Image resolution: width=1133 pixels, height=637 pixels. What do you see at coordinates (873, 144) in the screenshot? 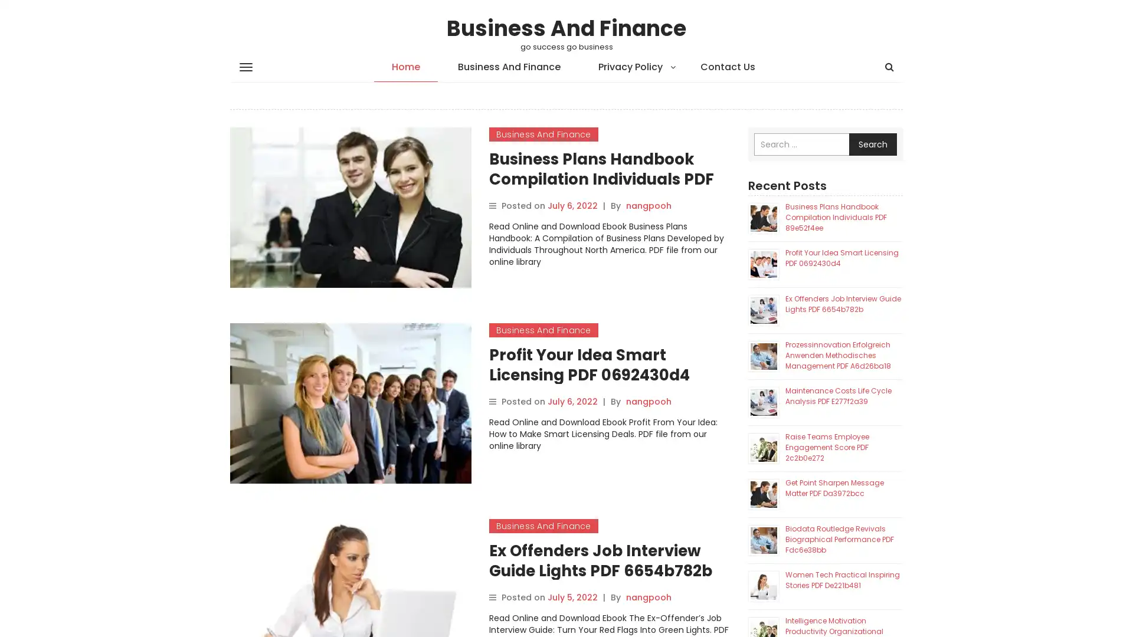
I see `Search` at bounding box center [873, 144].